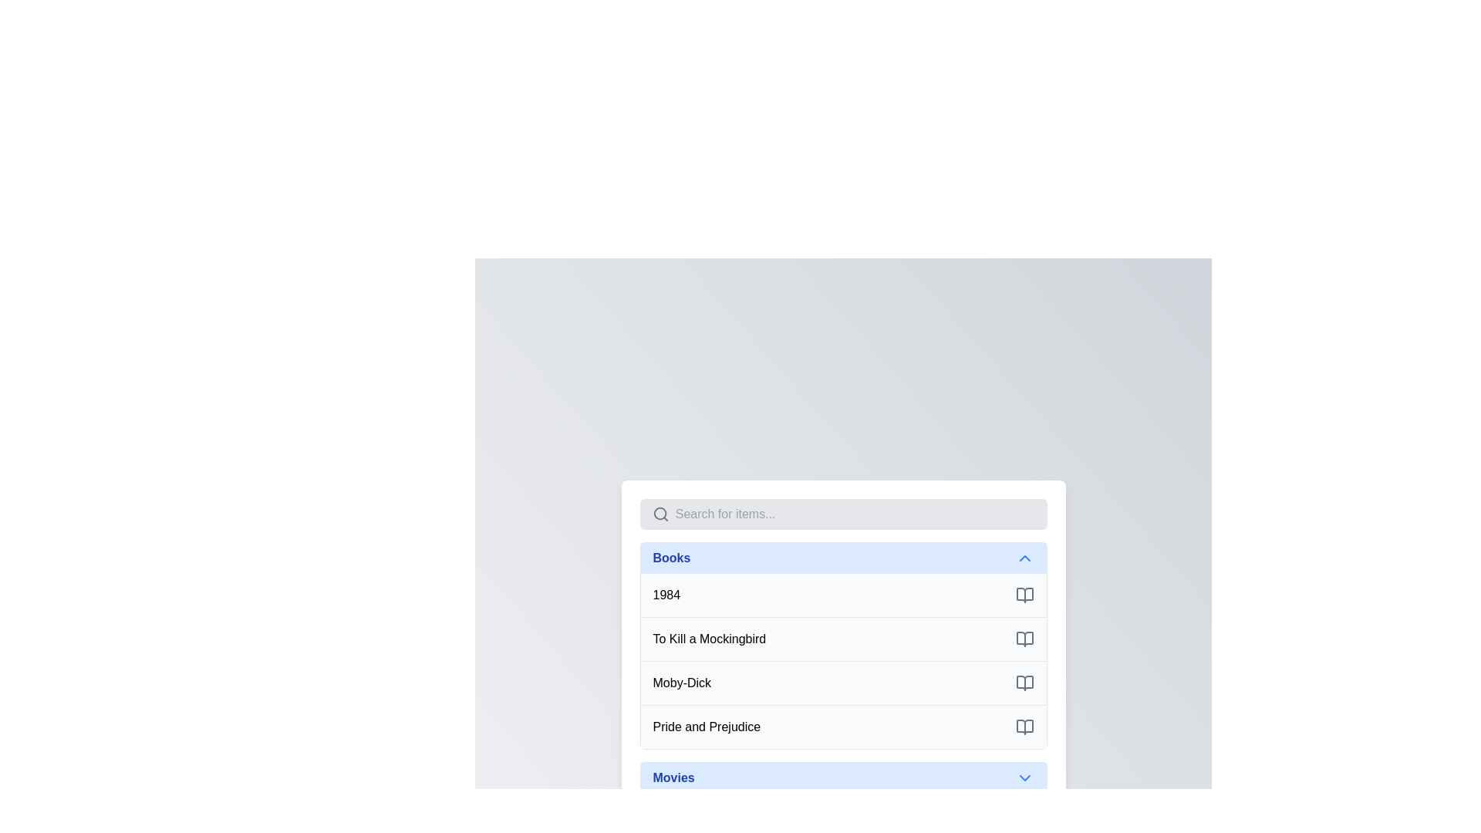 The width and height of the screenshot is (1481, 833). Describe the element at coordinates (1024, 594) in the screenshot. I see `the toggle button icon for bookmarking the entry labeled '1984' in the 'Books' section` at that location.